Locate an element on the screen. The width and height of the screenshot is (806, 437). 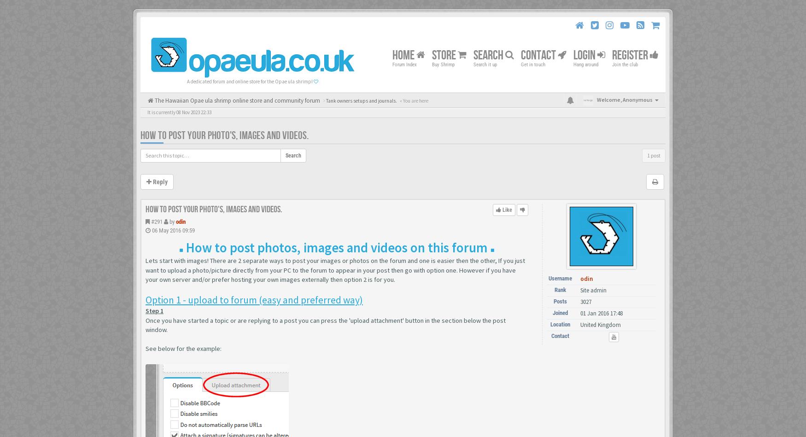
'Search it up' is located at coordinates (485, 64).